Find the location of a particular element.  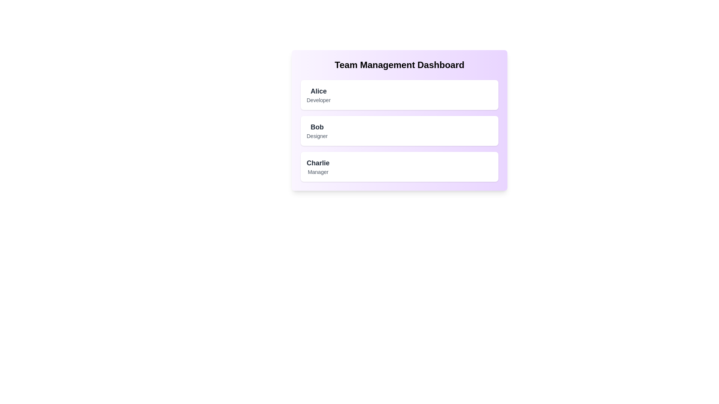

the details of the team member Bob is located at coordinates (399, 131).